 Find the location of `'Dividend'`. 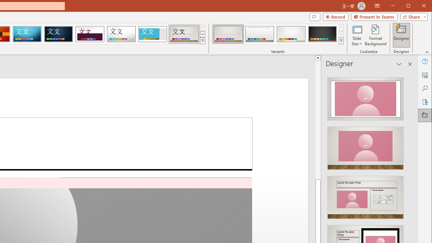

'Dividend' is located at coordinates (89, 34).